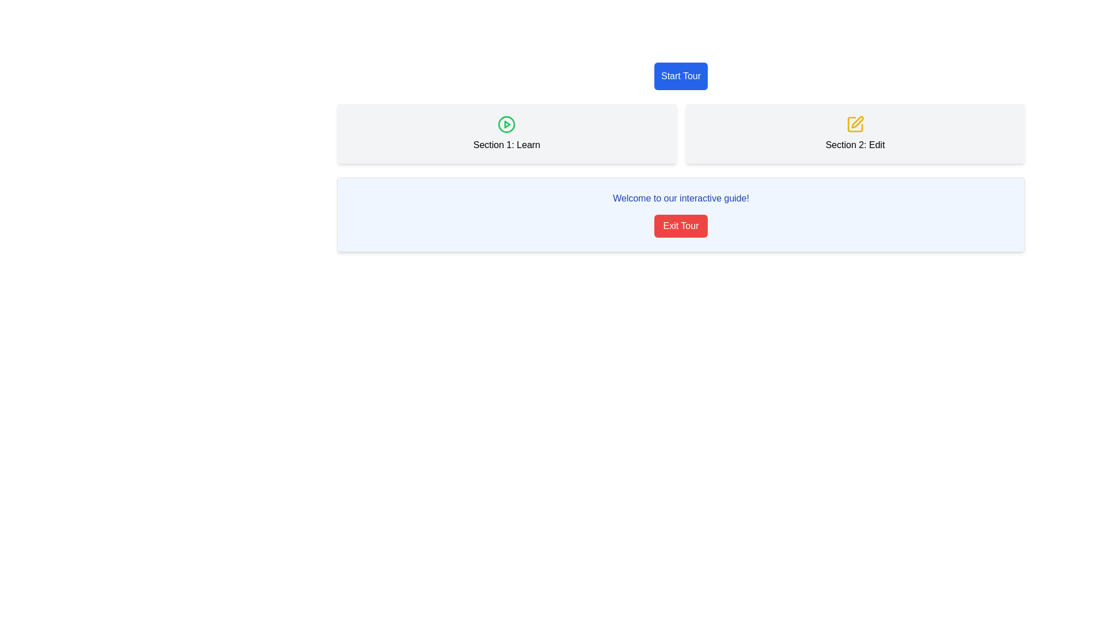  Describe the element at coordinates (855, 145) in the screenshot. I see `the text label 'Section 2: Edit', which identifies the editing feature in the UI and is located below the yellow pencil icon` at that location.